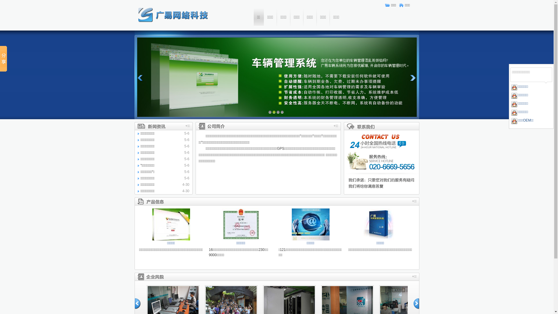 The image size is (558, 314). What do you see at coordinates (273, 112) in the screenshot?
I see `'2'` at bounding box center [273, 112].